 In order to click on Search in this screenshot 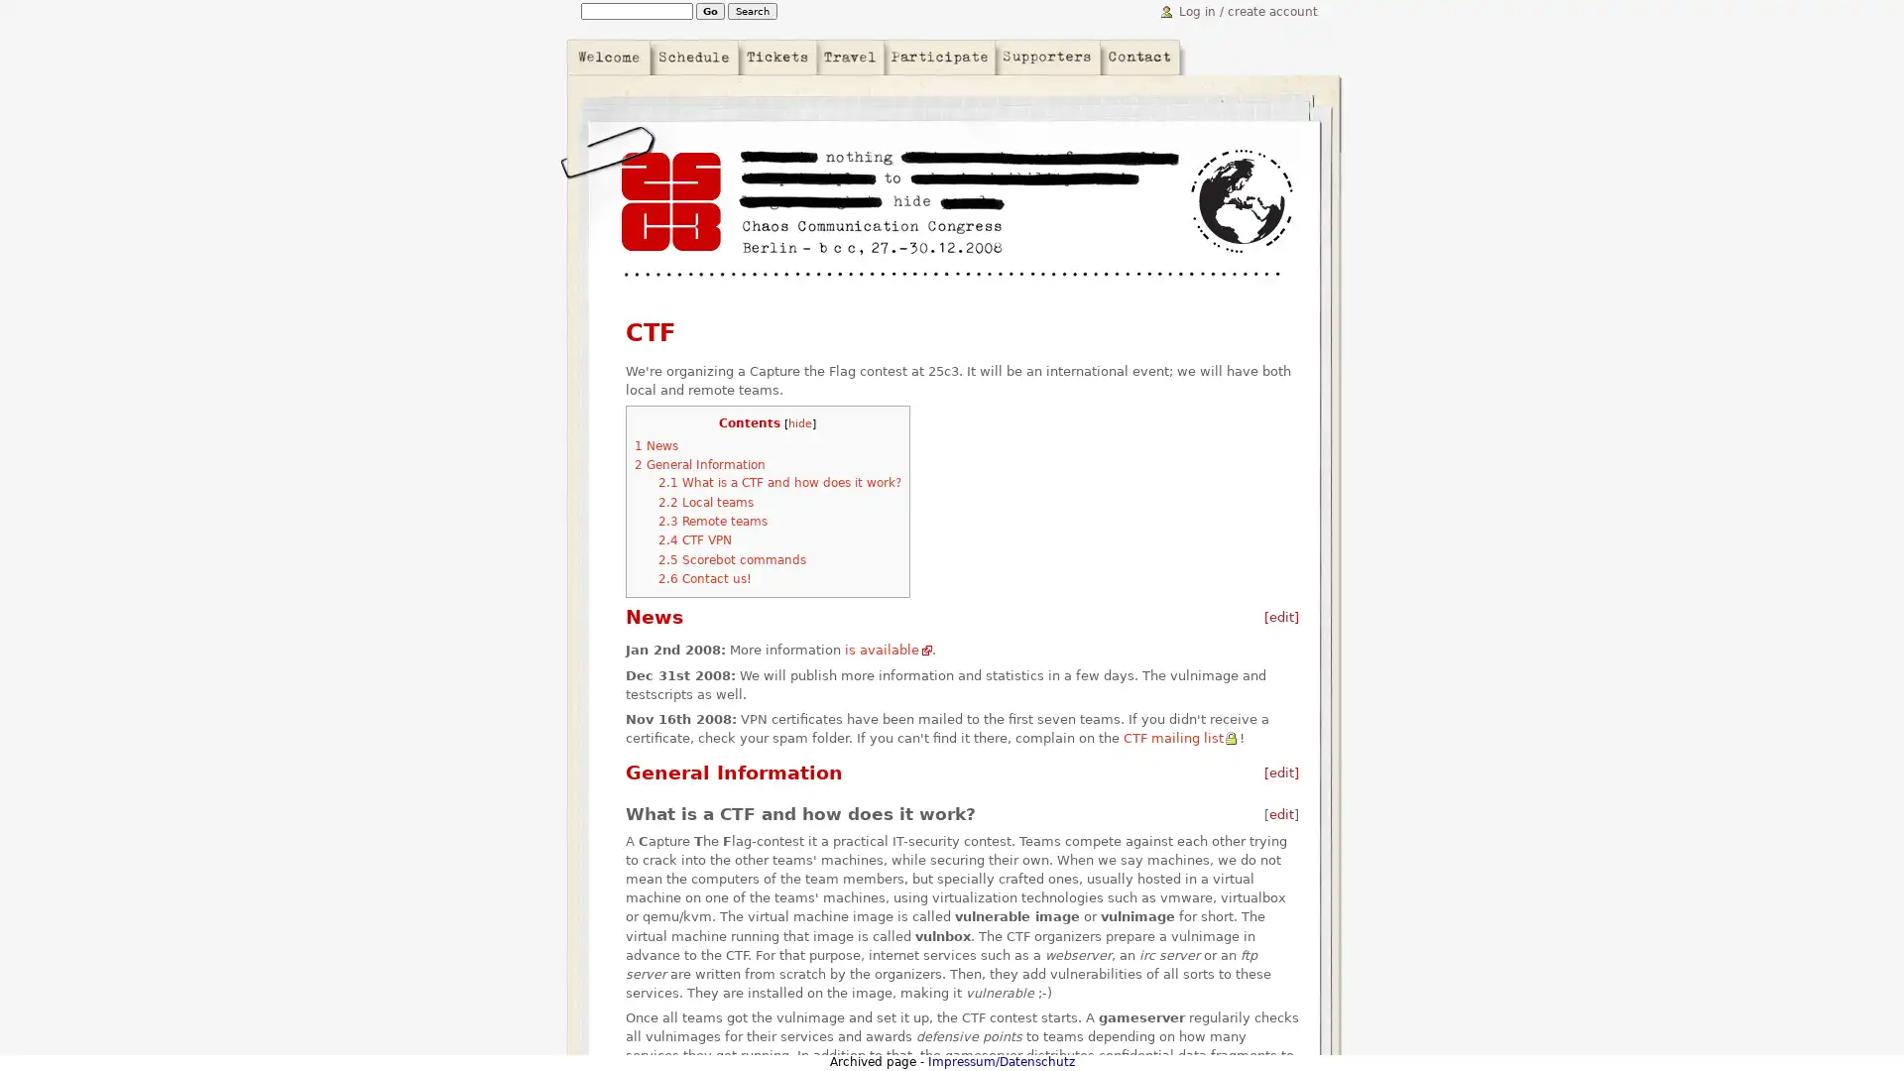, I will do `click(751, 11)`.